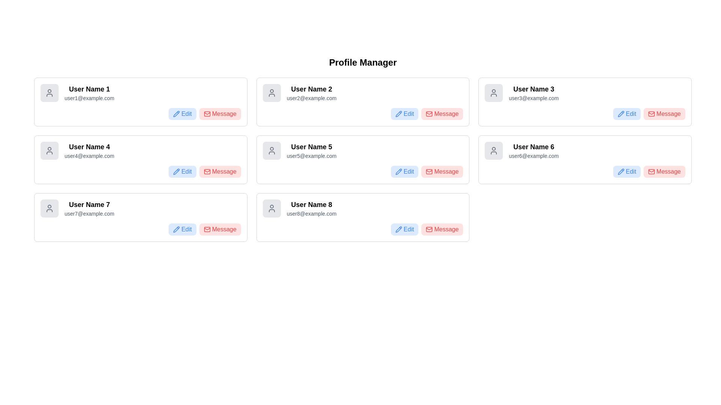  I want to click on the static text label displaying the email address of 'User Name 3', located in the top-right card of a 3x3 grid layout, so click(533, 98).